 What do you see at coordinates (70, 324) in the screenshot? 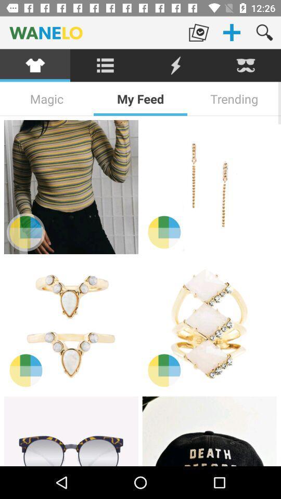
I see `image` at bounding box center [70, 324].